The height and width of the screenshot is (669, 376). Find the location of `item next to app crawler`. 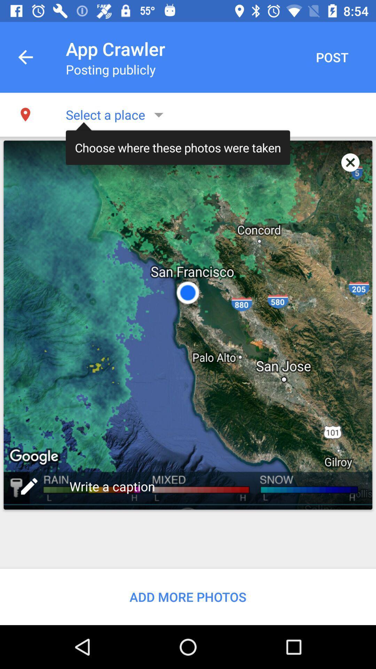

item next to app crawler is located at coordinates (331, 57).